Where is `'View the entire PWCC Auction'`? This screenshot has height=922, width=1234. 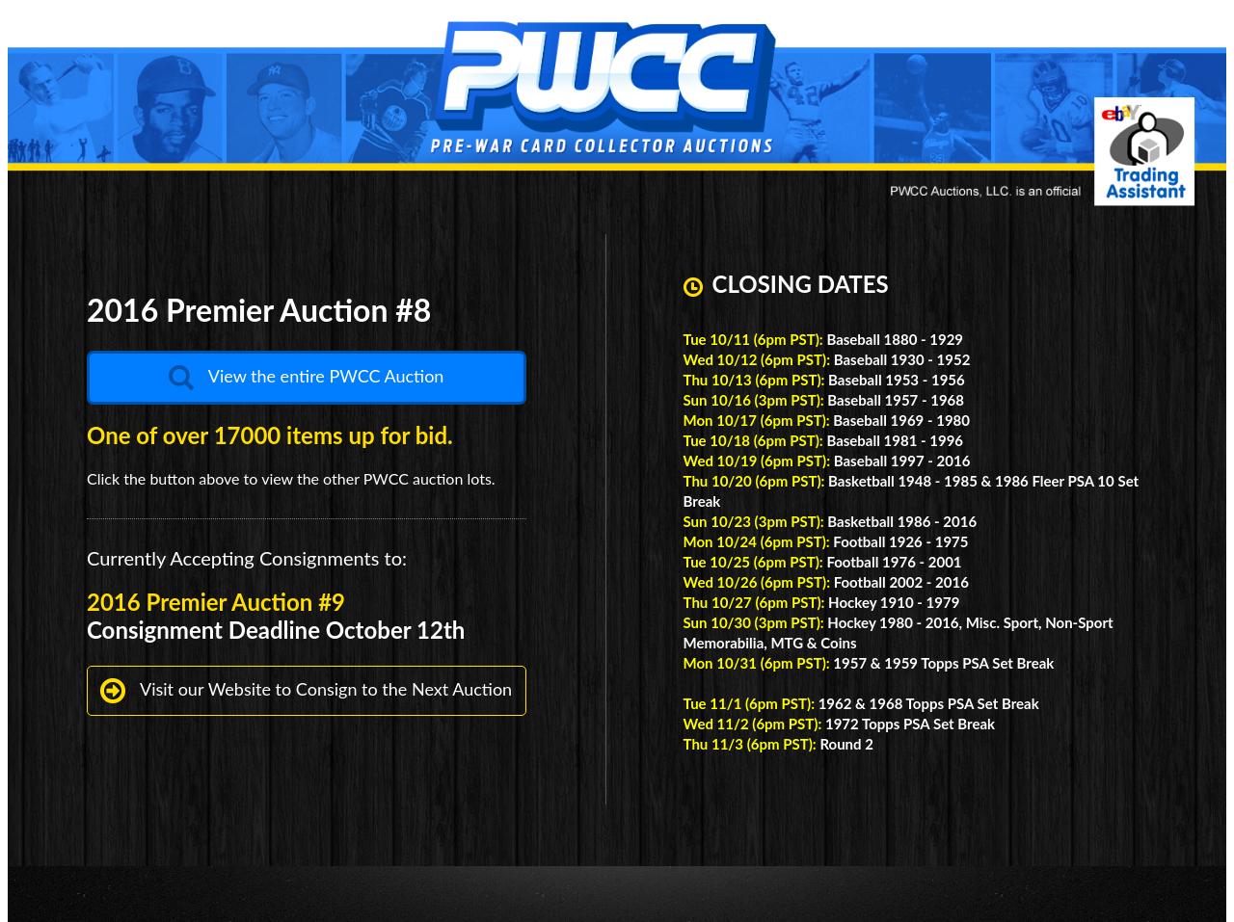 'View the entire PWCC Auction' is located at coordinates (325, 376).